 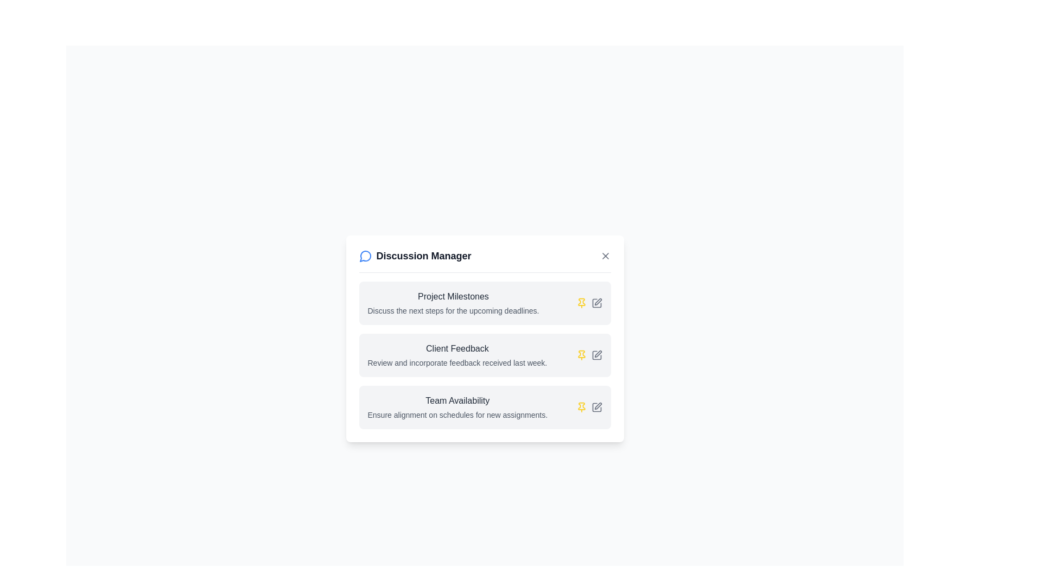 What do you see at coordinates (365, 256) in the screenshot?
I see `the blue speech bubble icon located next to the 'Discussion Manager' title for additional functionality` at bounding box center [365, 256].